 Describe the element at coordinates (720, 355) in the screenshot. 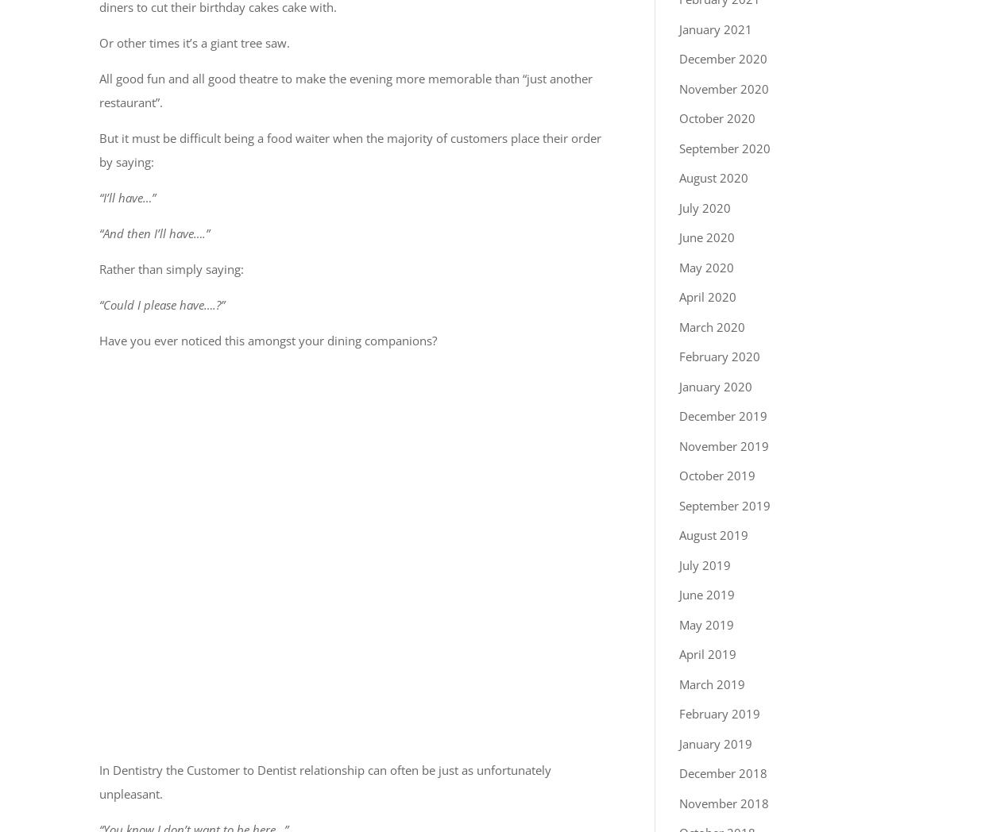

I see `'February 2020'` at that location.